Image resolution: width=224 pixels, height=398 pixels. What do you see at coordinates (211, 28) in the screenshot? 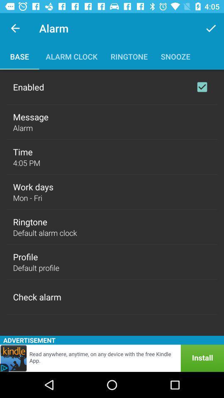
I see `item next to alarm item` at bounding box center [211, 28].